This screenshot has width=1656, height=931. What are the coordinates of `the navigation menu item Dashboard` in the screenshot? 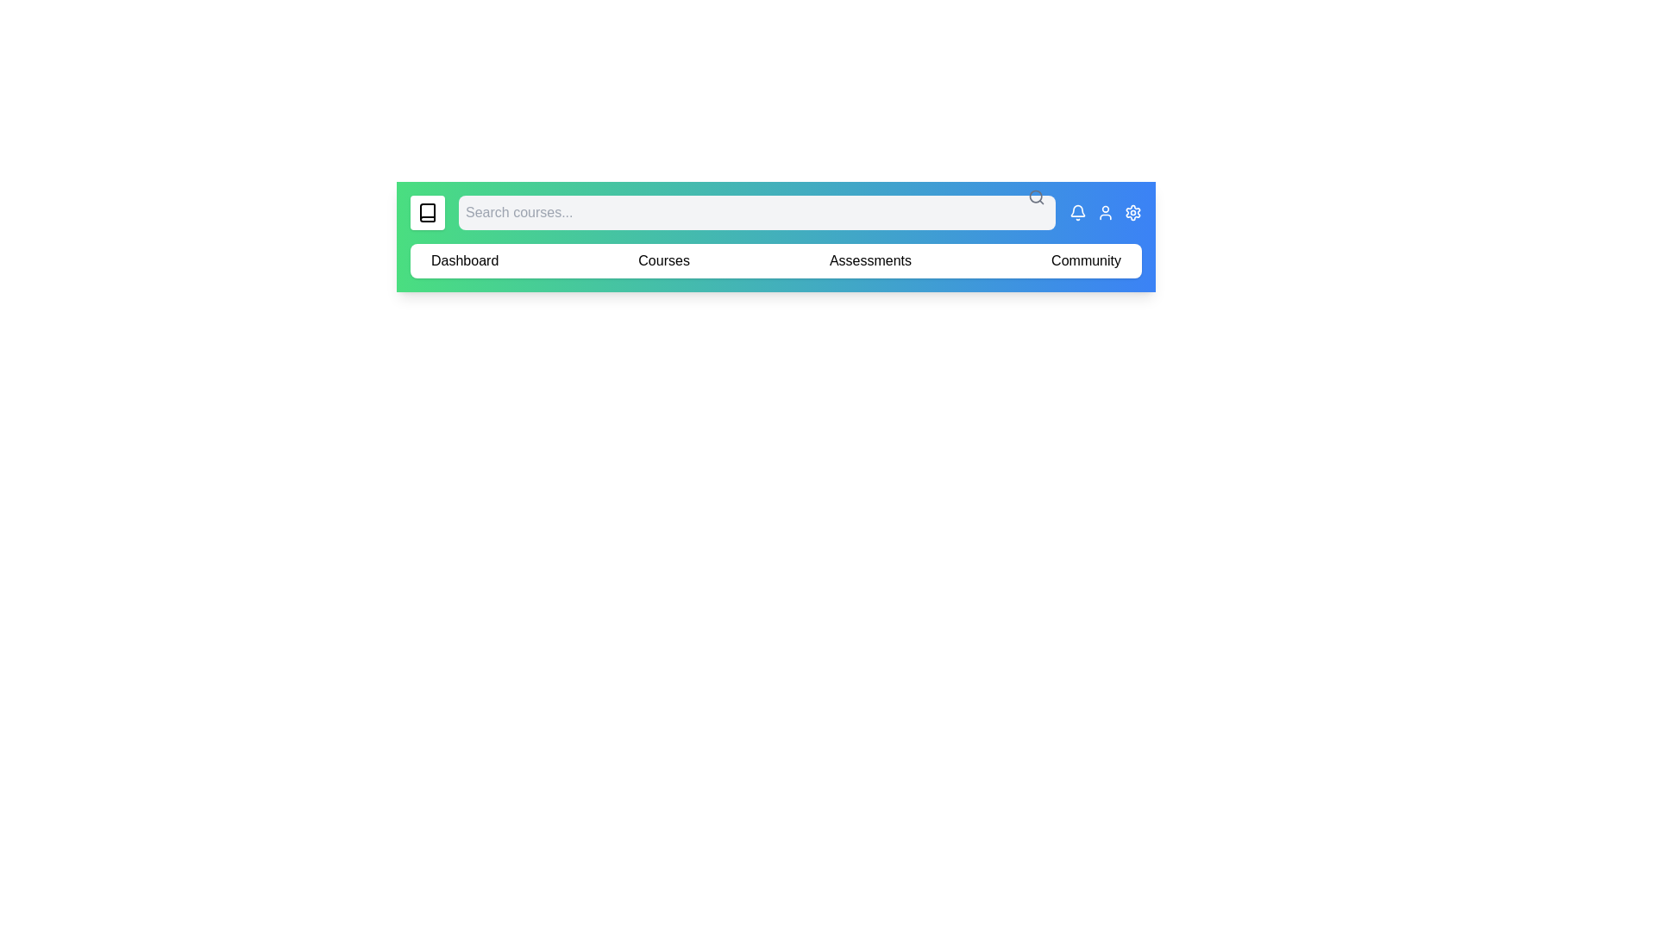 It's located at (464, 261).